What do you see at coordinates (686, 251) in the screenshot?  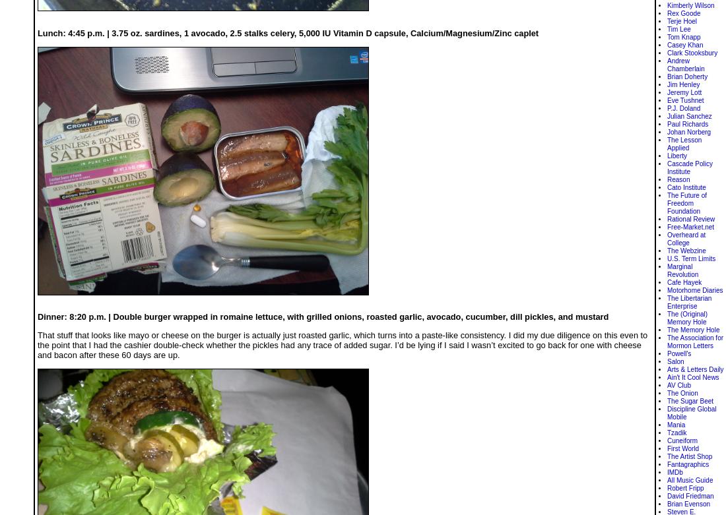 I see `'The Webzine'` at bounding box center [686, 251].